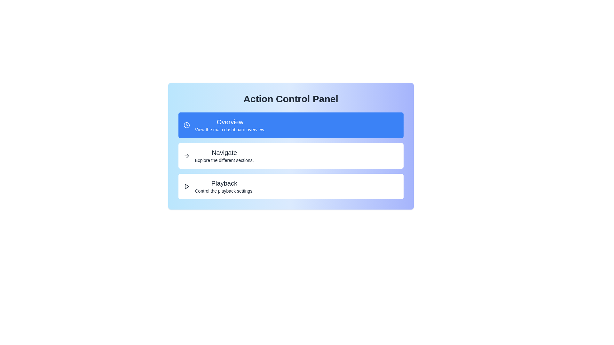 This screenshot has height=345, width=614. What do you see at coordinates (186, 156) in the screenshot?
I see `the small rightward arrow icon with a thin outline, located to the left of the text 'Navigate' in the second row of the content panel` at bounding box center [186, 156].